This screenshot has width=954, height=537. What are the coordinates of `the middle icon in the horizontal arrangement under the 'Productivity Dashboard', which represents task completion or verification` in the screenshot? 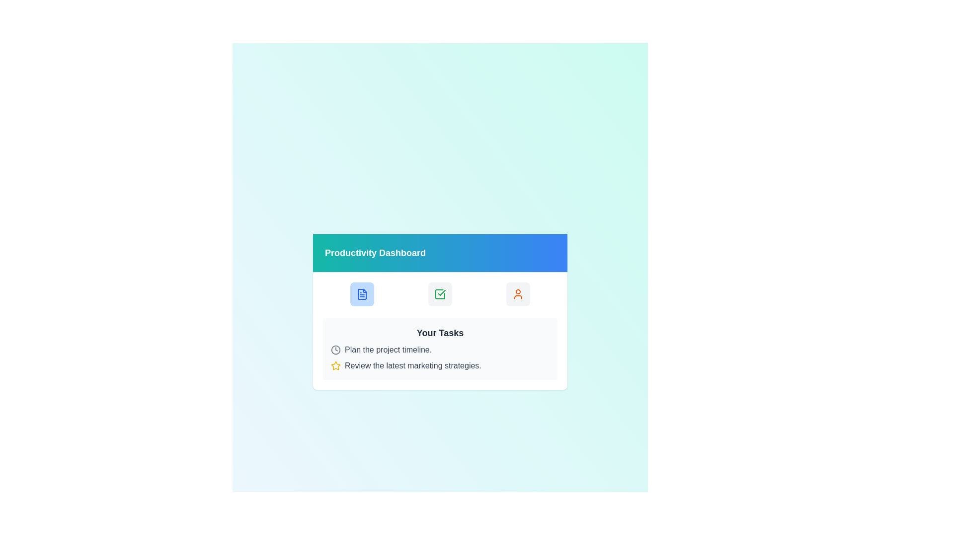 It's located at (439, 293).